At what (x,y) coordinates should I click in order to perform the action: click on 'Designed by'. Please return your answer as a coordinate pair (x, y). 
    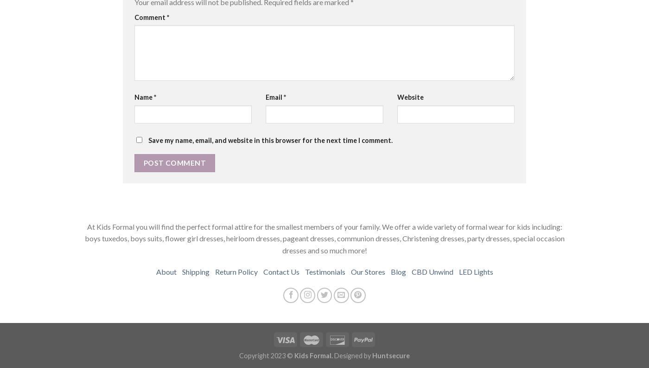
    Looking at the image, I should click on (352, 355).